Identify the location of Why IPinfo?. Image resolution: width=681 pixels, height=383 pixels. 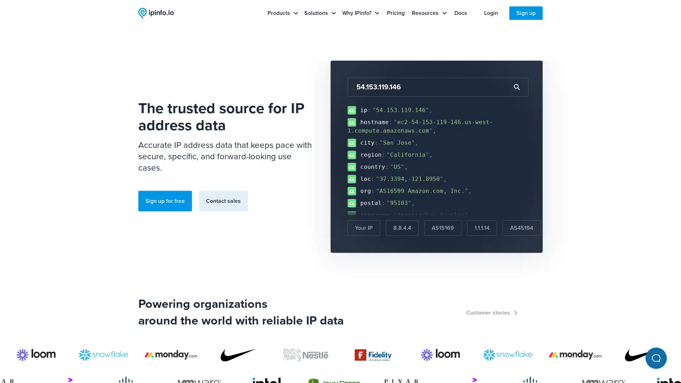
(361, 13).